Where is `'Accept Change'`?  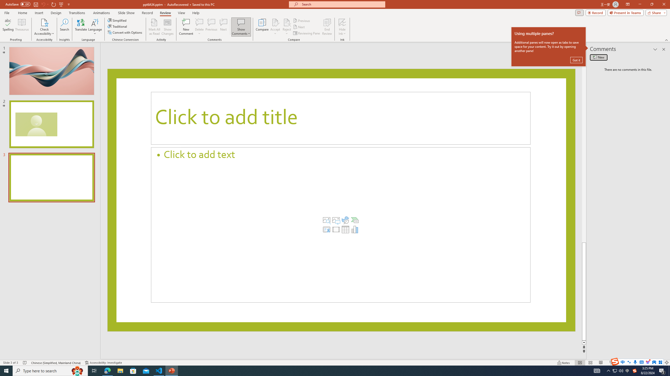
'Accept Change' is located at coordinates (275, 22).